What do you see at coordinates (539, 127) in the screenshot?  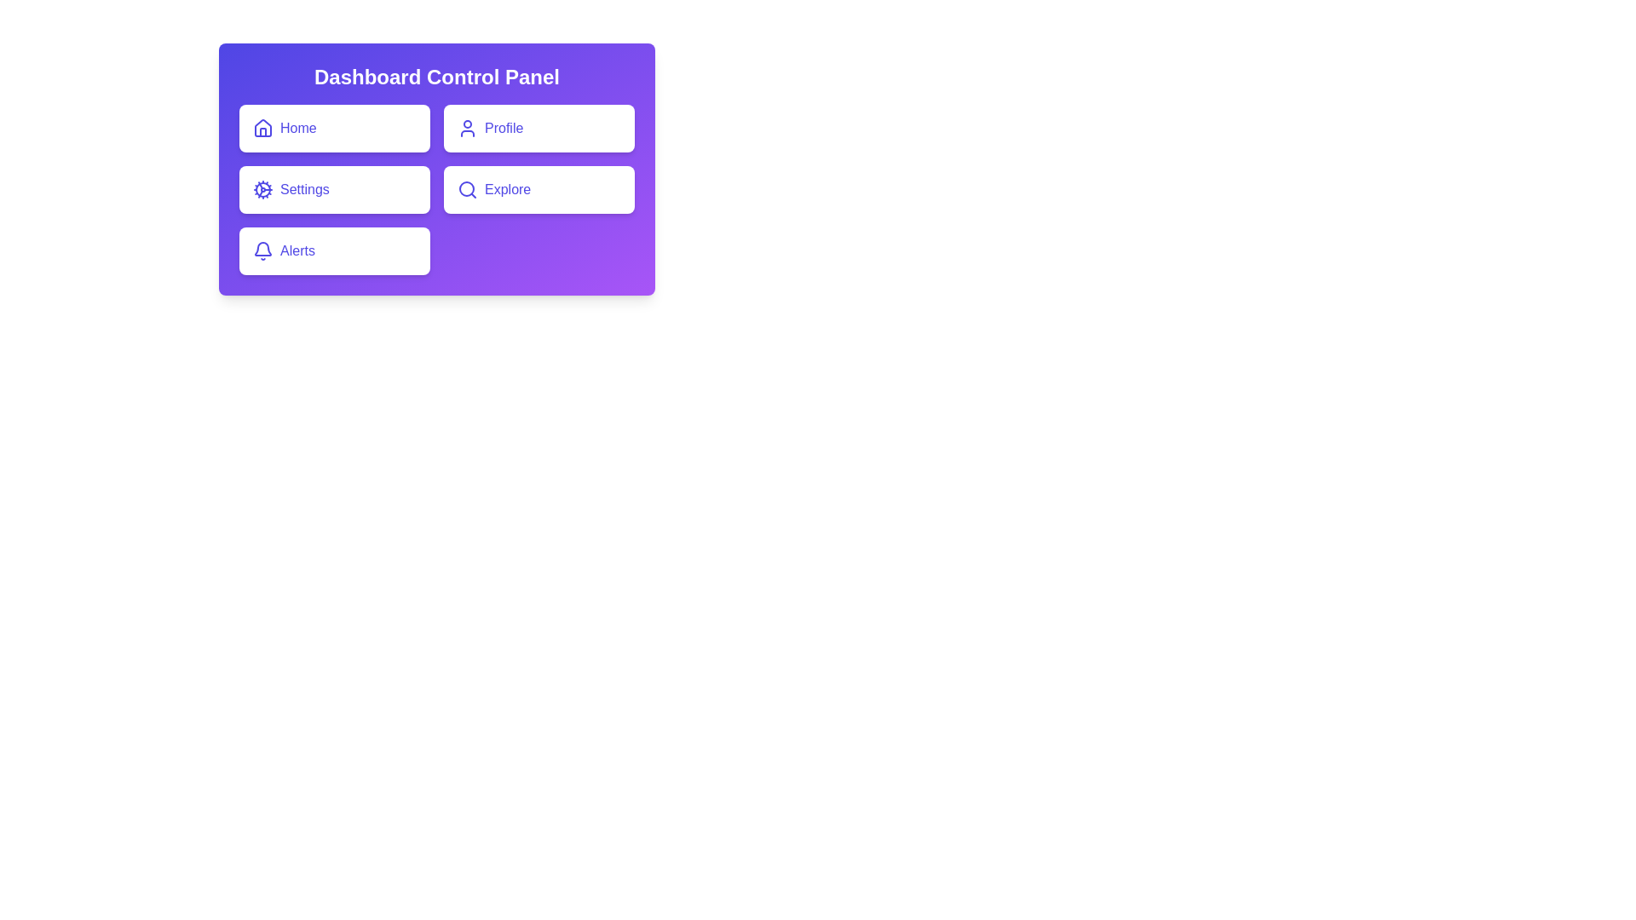 I see `the second navigation button located at the top row, to the right of the 'Home' button` at bounding box center [539, 127].